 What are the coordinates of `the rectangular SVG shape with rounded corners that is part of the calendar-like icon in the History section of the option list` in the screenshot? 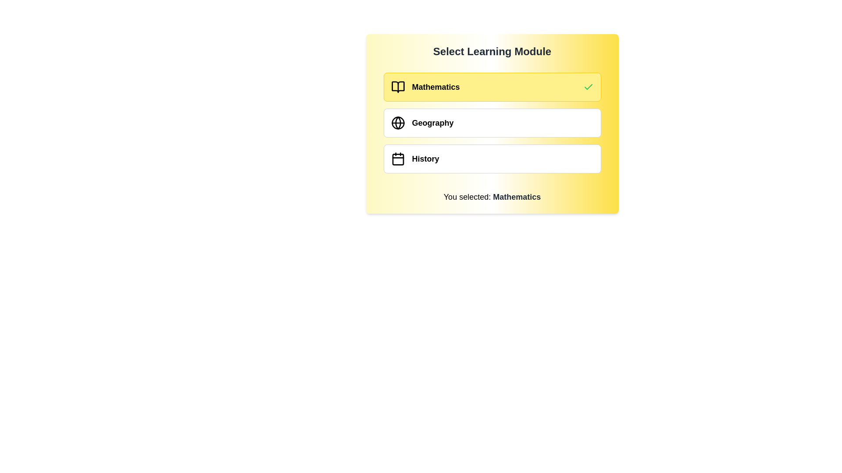 It's located at (397, 159).